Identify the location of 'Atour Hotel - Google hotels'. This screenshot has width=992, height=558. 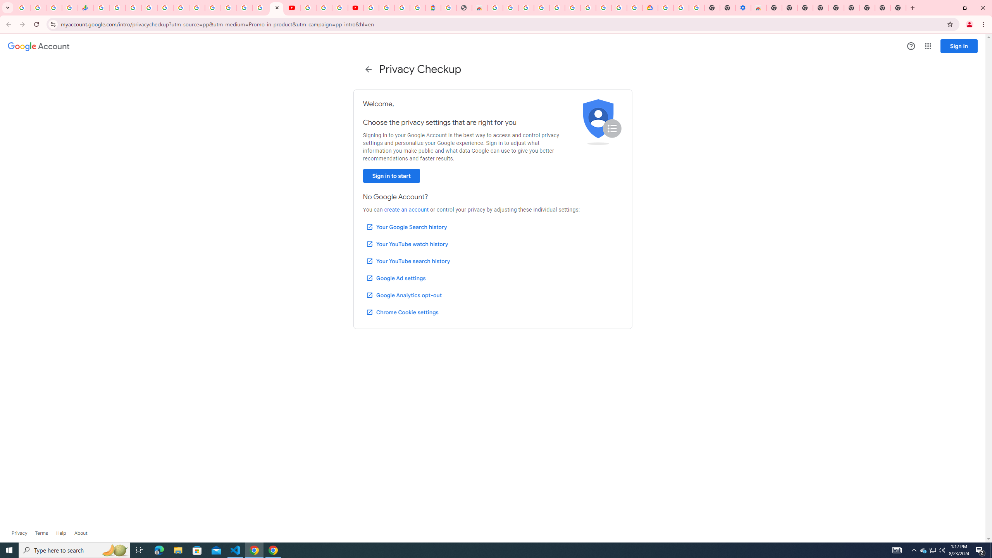
(432, 7).